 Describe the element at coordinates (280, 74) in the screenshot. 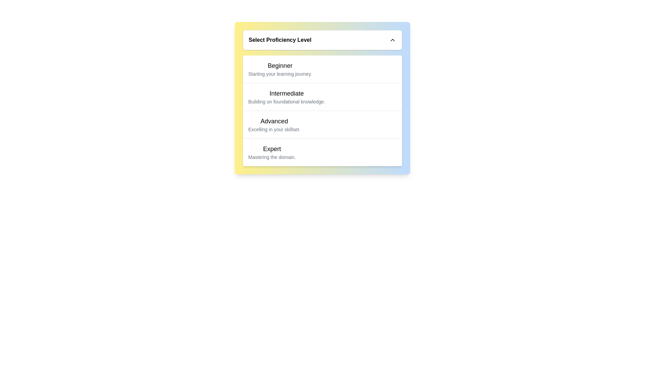

I see `the descriptive Text Label positioned beneath the 'Beginner' proficiency level in the dropdown menu` at that location.